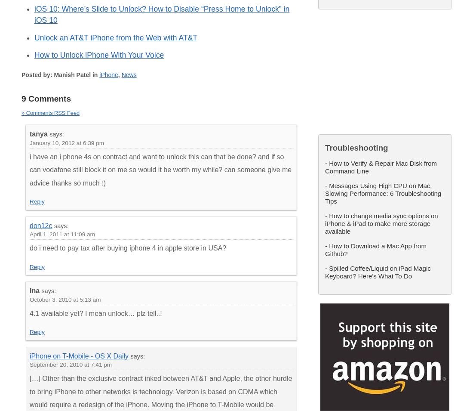  Describe the element at coordinates (127, 248) in the screenshot. I see `'do i need to pay tax after buying iphone 4 in apple store in USA?'` at that location.